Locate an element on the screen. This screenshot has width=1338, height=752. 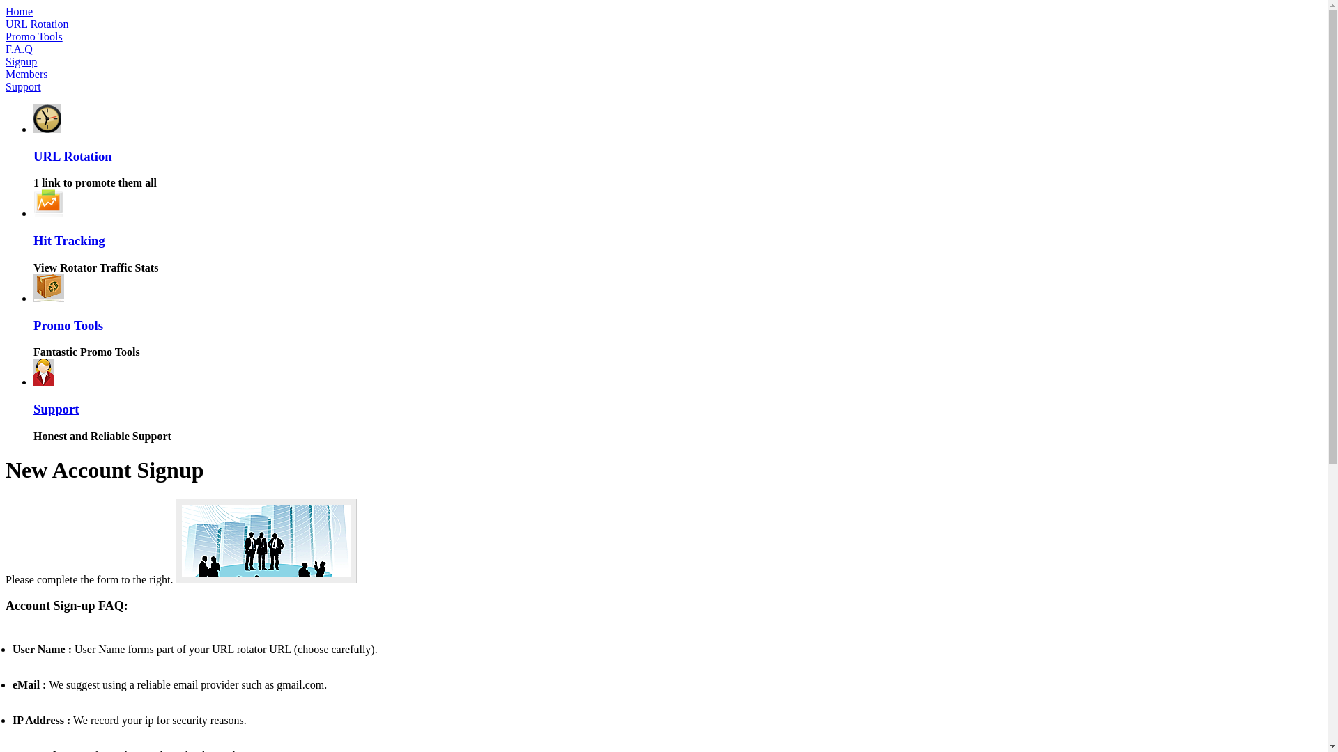
'Members' is located at coordinates (26, 74).